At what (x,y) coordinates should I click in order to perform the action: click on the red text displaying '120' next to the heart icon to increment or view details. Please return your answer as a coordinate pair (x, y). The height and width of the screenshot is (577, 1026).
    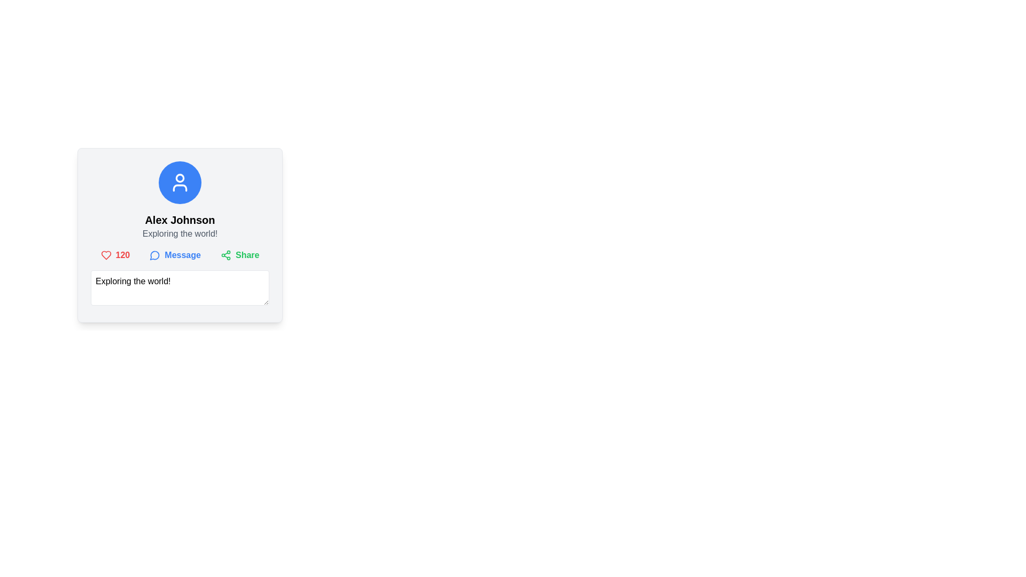
    Looking at the image, I should click on (115, 255).